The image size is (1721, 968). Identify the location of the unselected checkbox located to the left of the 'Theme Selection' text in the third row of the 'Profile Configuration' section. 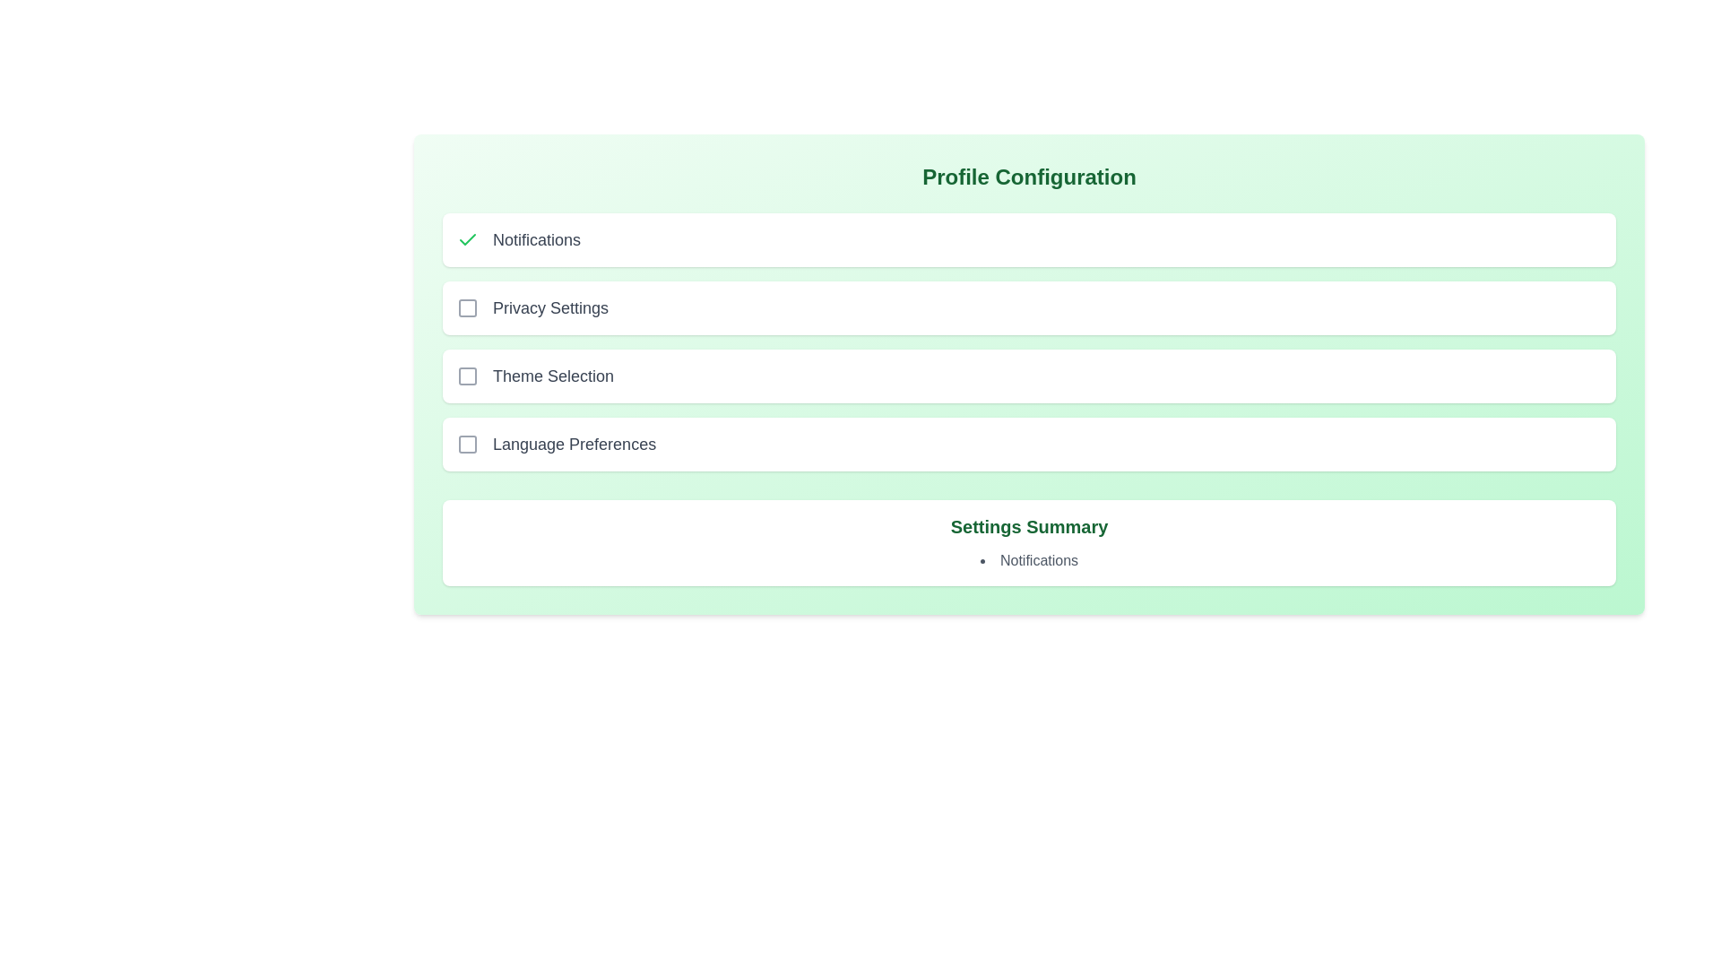
(468, 376).